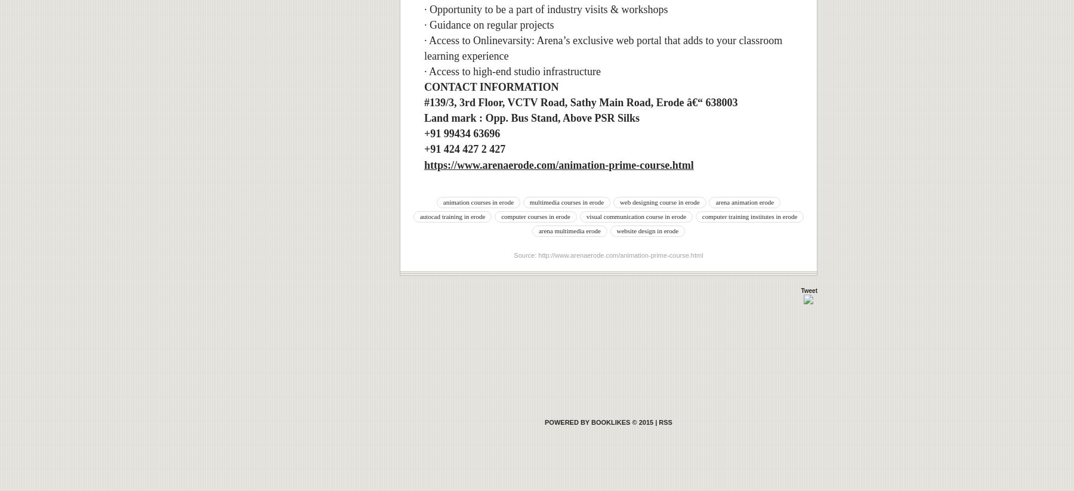  I want to click on 'Land mark : Opp. Bus Stand, Above PSR Silks', so click(532, 118).